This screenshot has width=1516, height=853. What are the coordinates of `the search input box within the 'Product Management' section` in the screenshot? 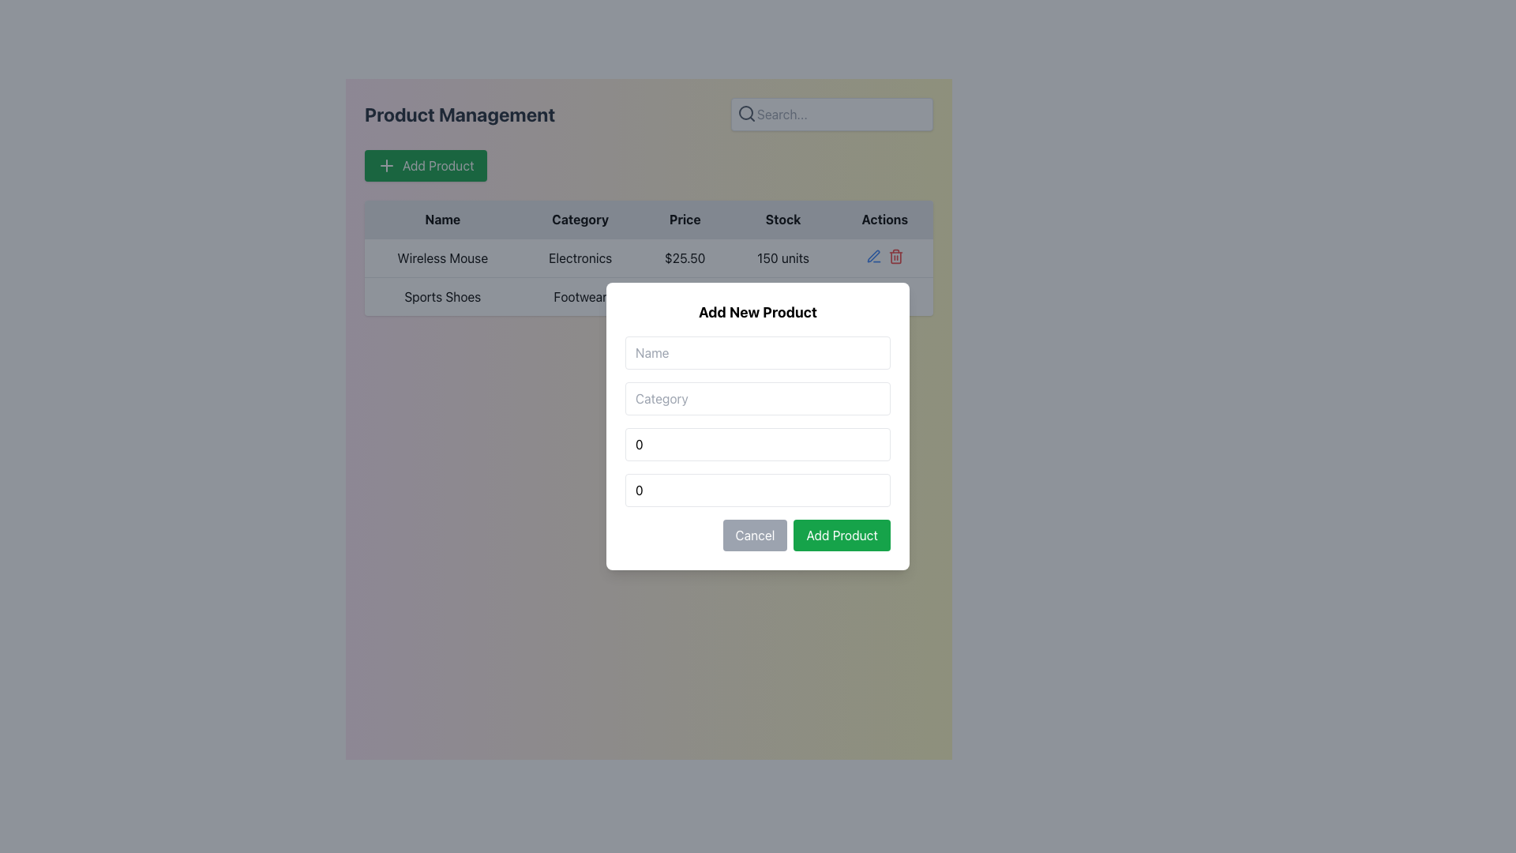 It's located at (648, 114).